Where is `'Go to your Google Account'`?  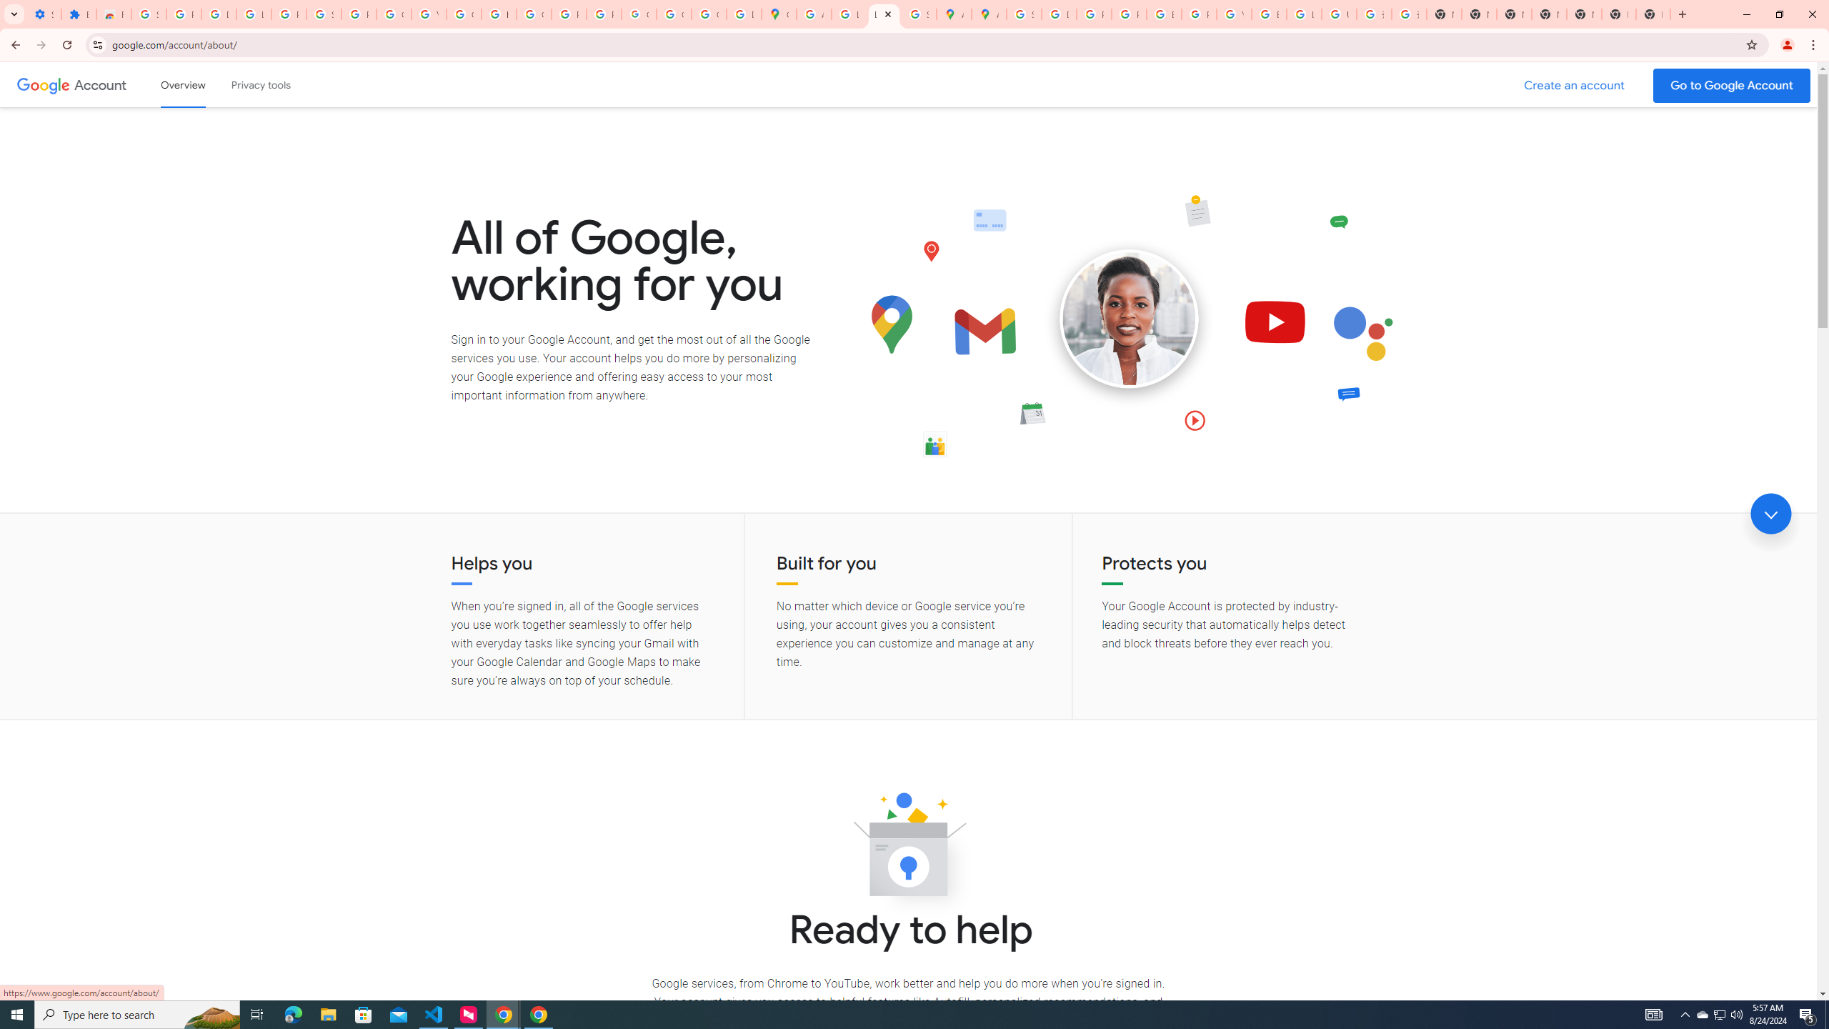
'Go to your Google Account' is located at coordinates (1732, 85).